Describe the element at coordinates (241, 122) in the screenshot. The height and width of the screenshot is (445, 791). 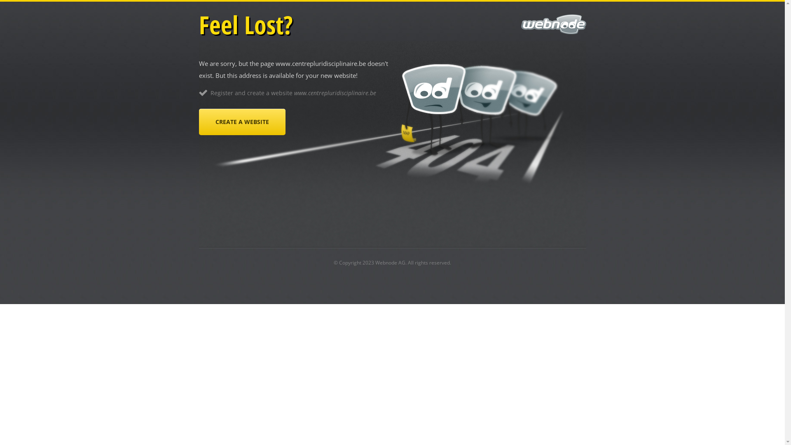
I see `'CREATE A WEBSITE'` at that location.